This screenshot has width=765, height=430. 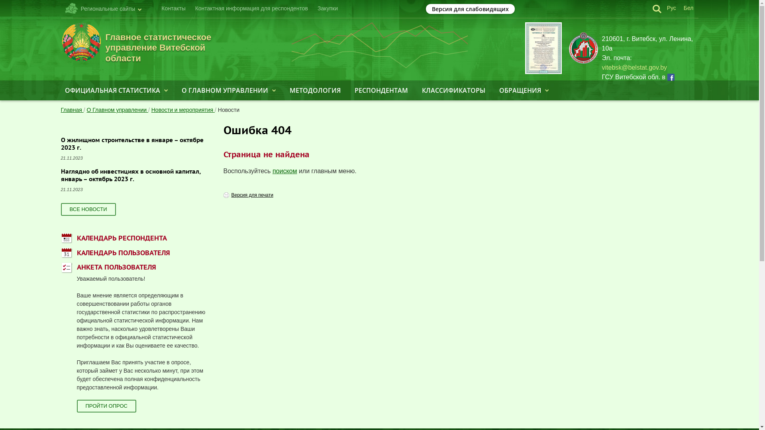 I want to click on 'vitebsk@belstat.gov.by', so click(x=634, y=67).